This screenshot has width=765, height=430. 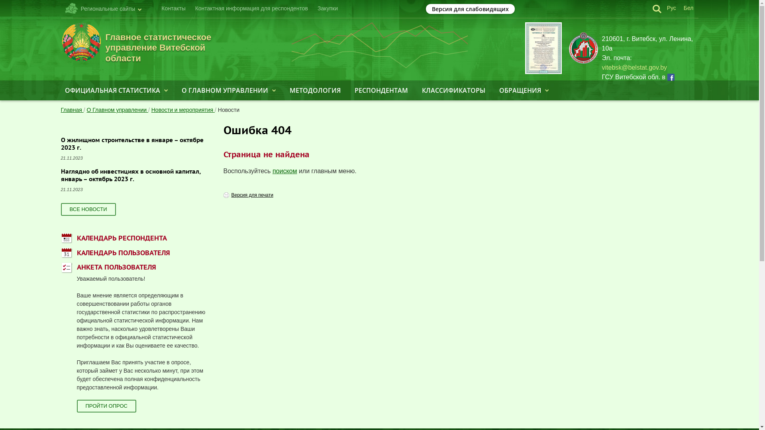 I want to click on 'vitebsk@belstat.gov.by', so click(x=634, y=67).